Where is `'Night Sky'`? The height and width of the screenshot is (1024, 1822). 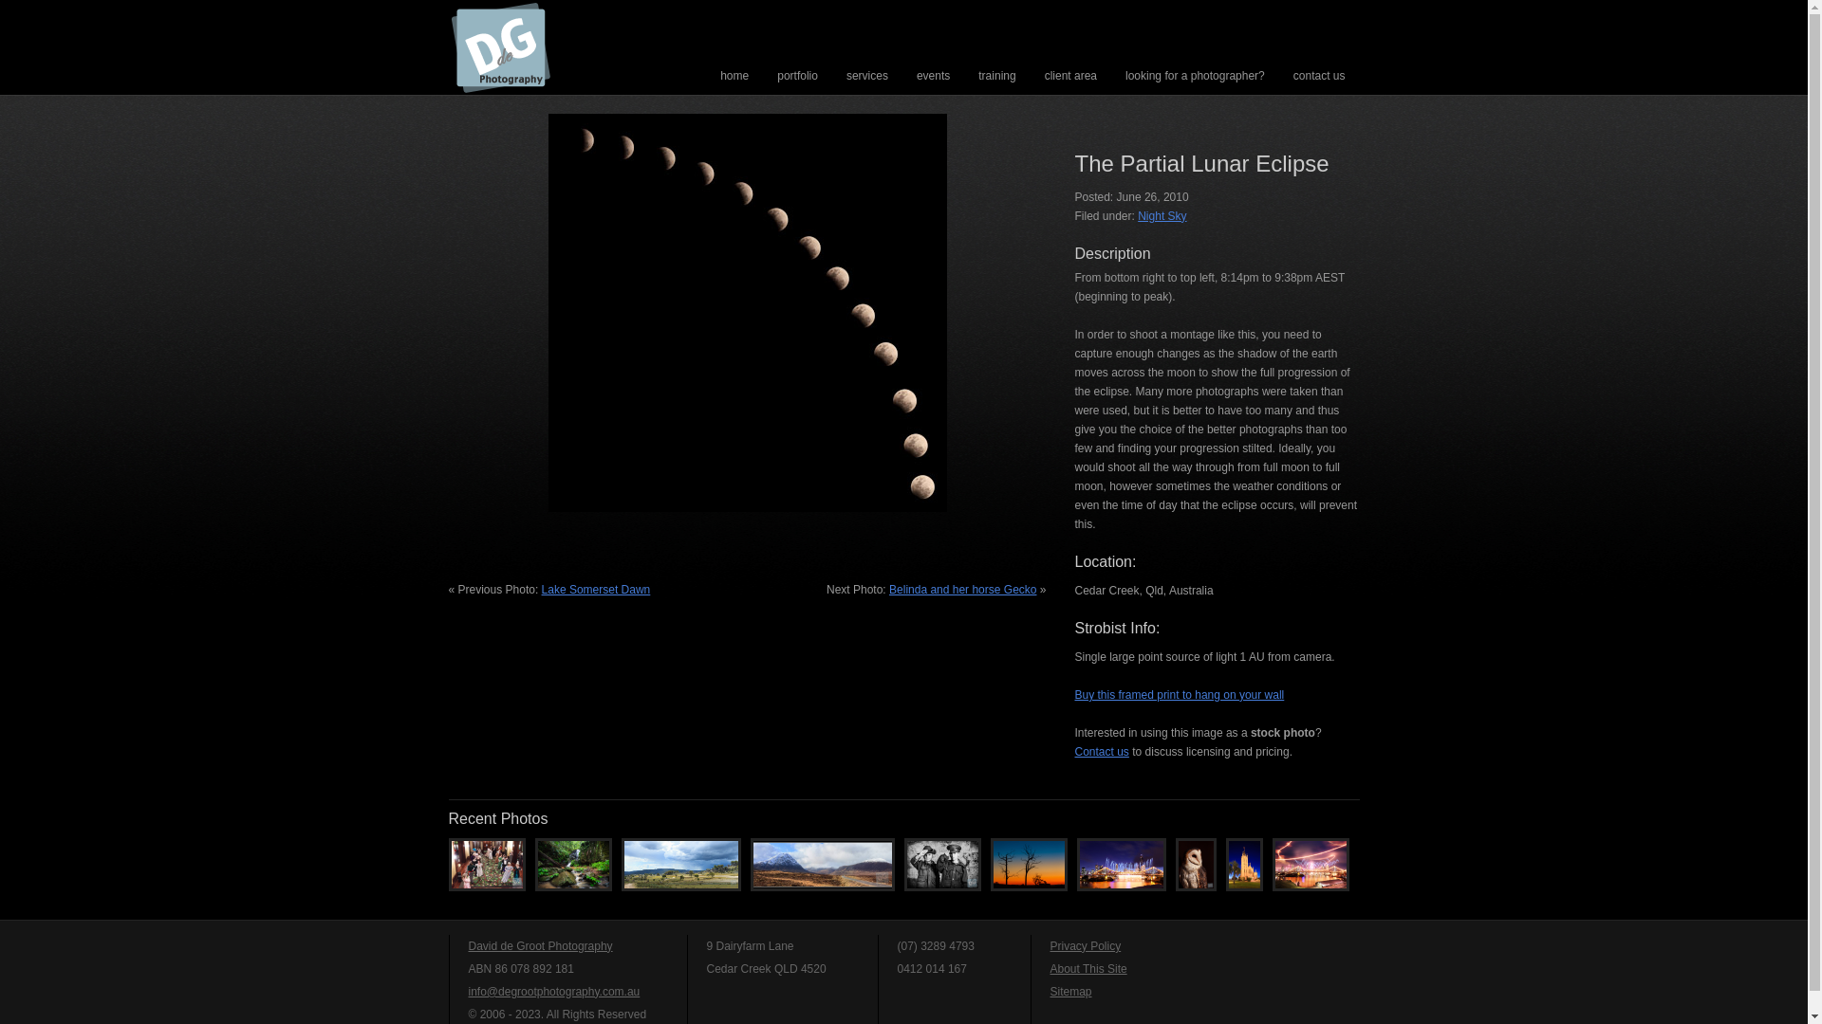
'Night Sky' is located at coordinates (1161, 214).